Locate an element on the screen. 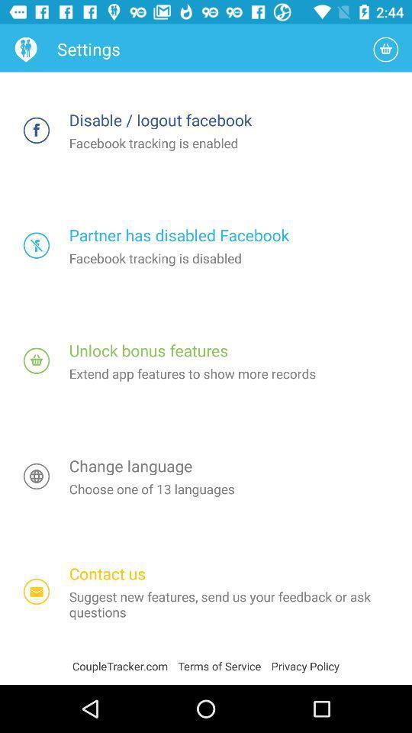 This screenshot has width=412, height=733. the item next to the terms of service icon is located at coordinates (305, 665).